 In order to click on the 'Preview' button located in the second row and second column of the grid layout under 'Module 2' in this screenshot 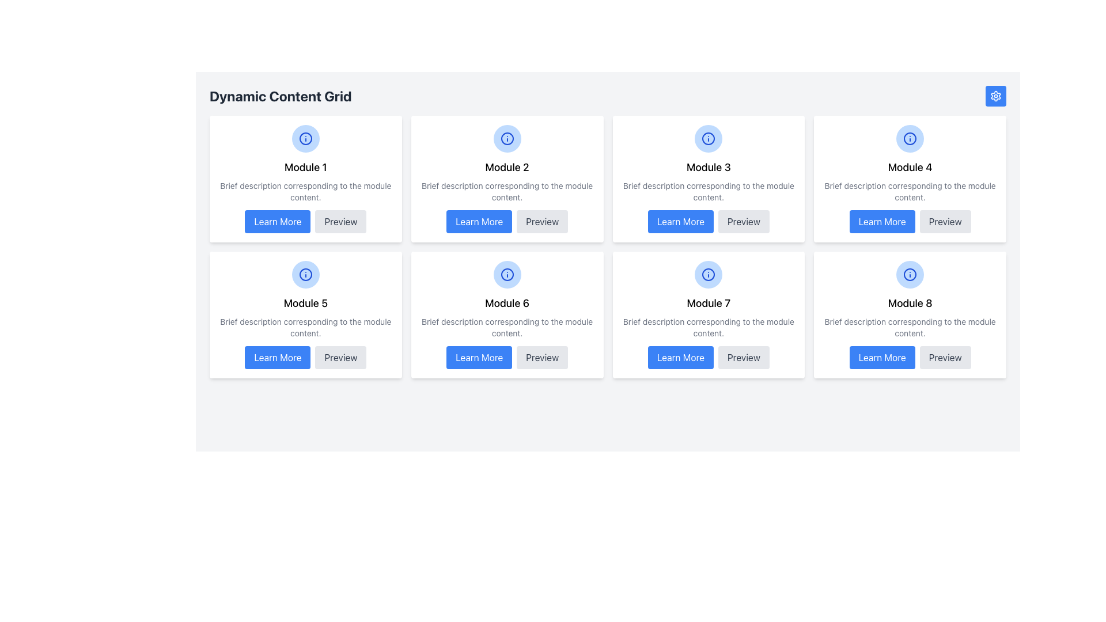, I will do `click(541, 222)`.